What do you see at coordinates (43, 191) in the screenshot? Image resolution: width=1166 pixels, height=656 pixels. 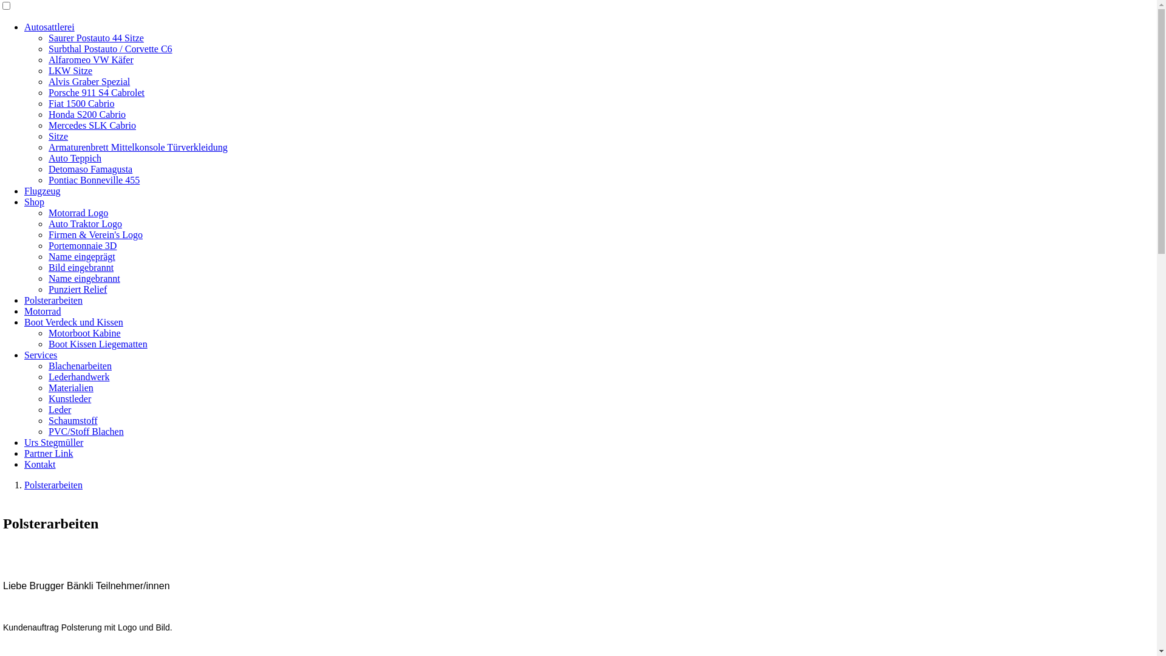 I see `'Flugzeug'` at bounding box center [43, 191].